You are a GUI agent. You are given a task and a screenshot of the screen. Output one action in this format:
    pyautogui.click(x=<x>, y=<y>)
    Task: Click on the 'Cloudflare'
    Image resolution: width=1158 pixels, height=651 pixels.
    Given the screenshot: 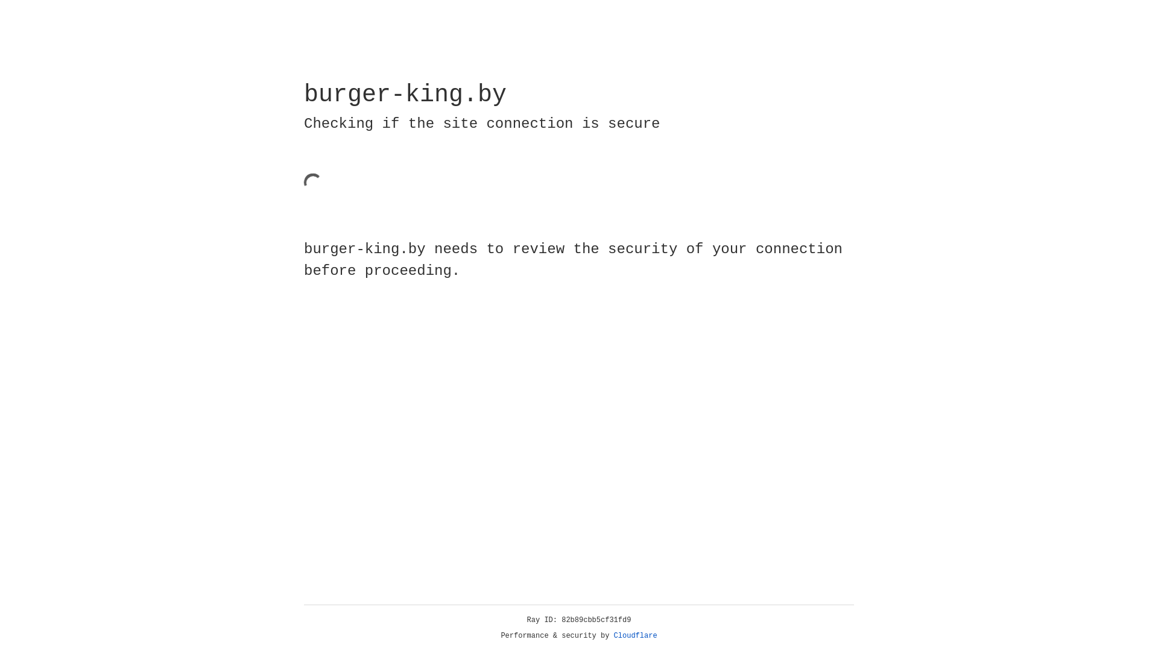 What is the action you would take?
    pyautogui.click(x=613, y=635)
    